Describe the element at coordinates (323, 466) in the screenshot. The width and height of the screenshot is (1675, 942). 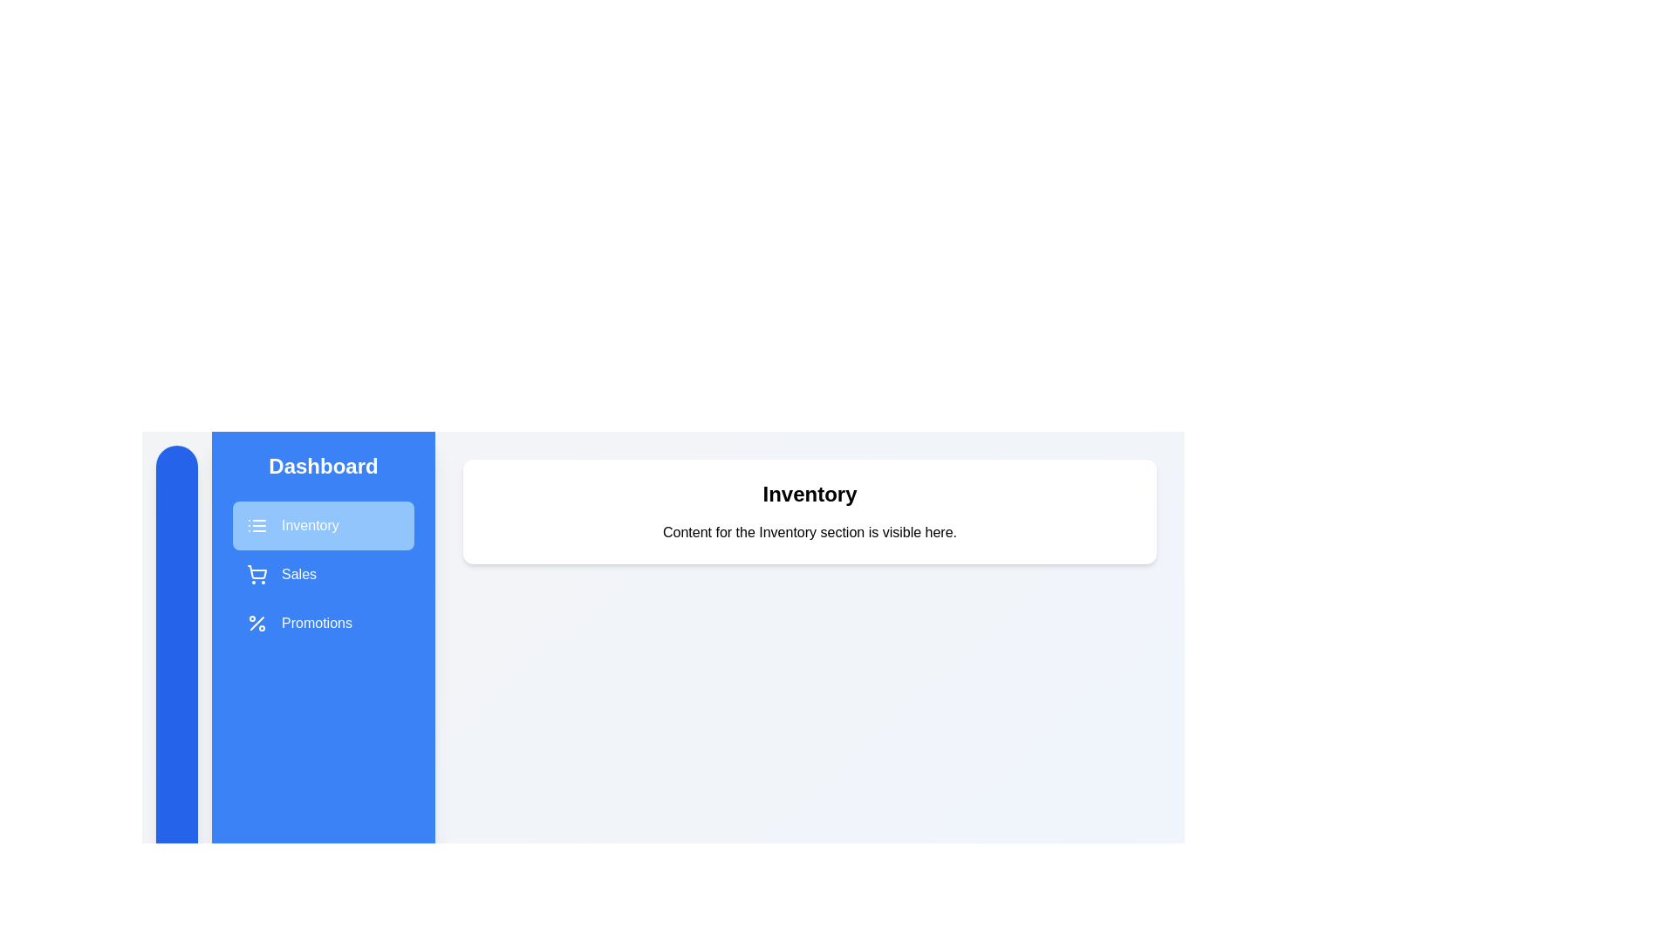
I see `the 'Dashboard' header text to initiate context-specific actions` at that location.